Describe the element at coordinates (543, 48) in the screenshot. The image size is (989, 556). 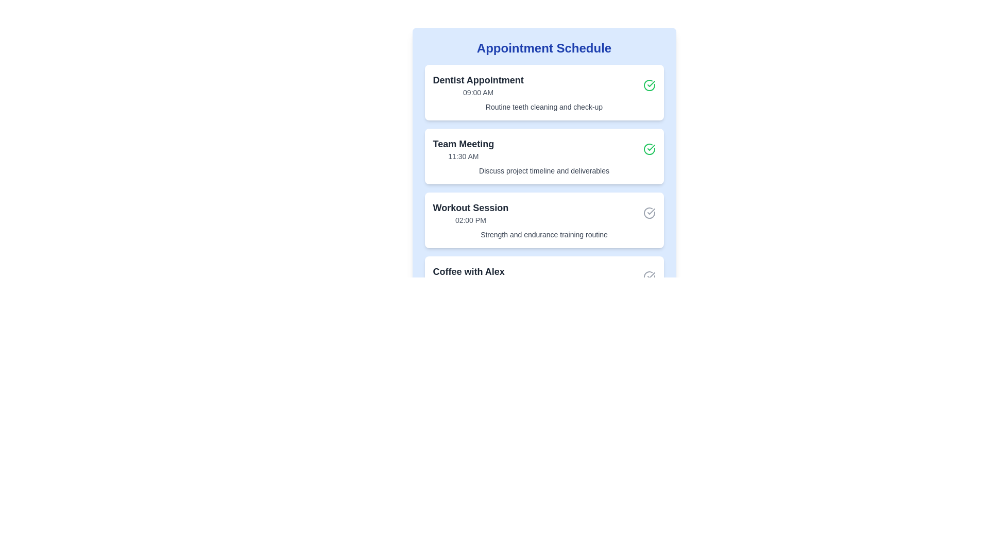
I see `text content of the header element located at the top of the blue-shaded card, which serves as a title for the schedule details` at that location.